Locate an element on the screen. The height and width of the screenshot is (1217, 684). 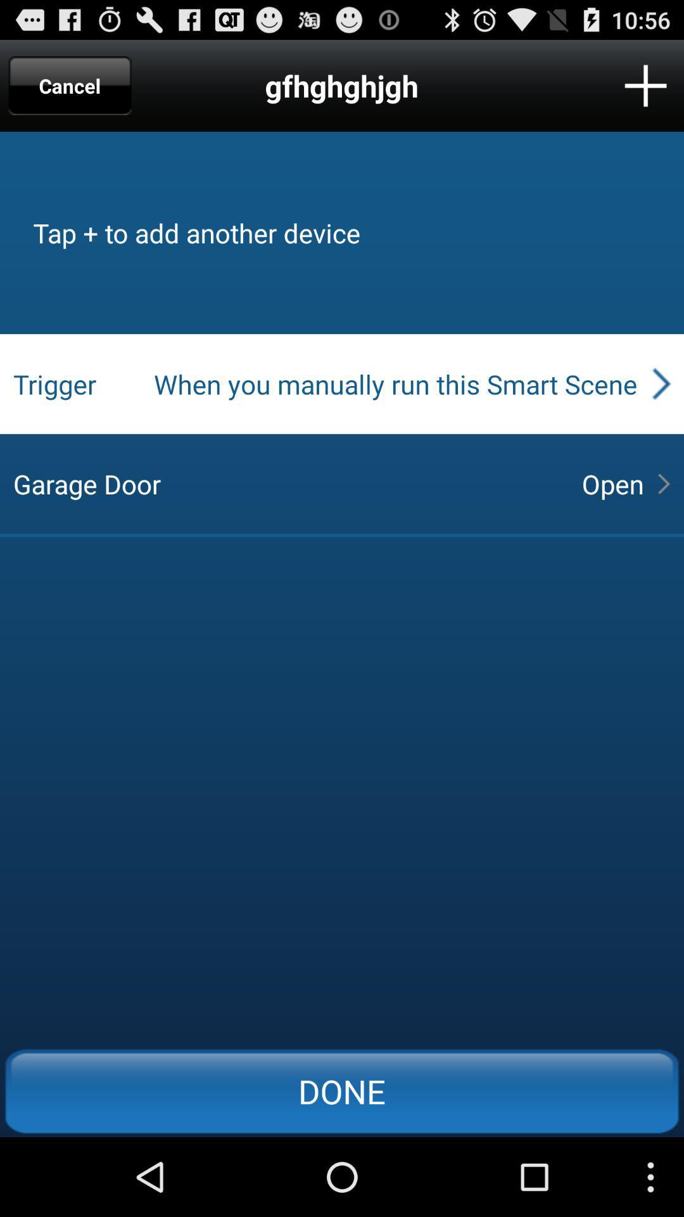
the garage door at the center is located at coordinates (286, 483).